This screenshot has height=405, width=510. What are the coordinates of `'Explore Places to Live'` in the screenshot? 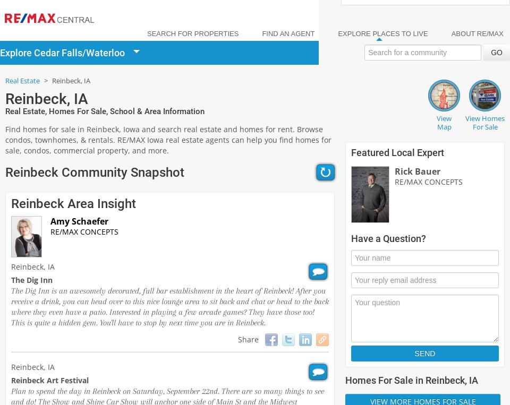 It's located at (382, 33).